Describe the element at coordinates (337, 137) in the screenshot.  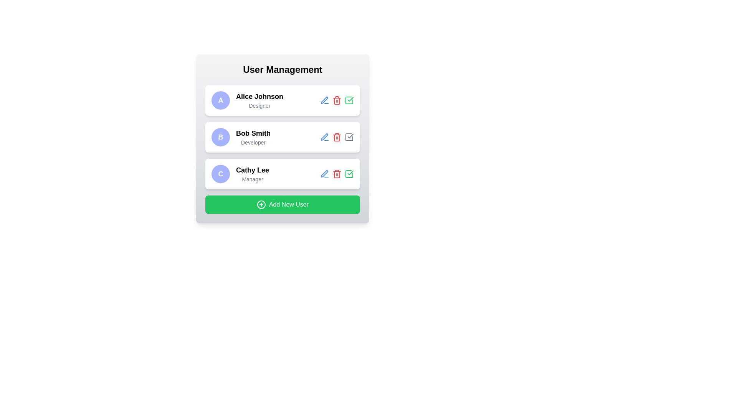
I see `the red trash bin icon associated with the delete action in the second entry row for 'Bob Smith - Developer'` at that location.